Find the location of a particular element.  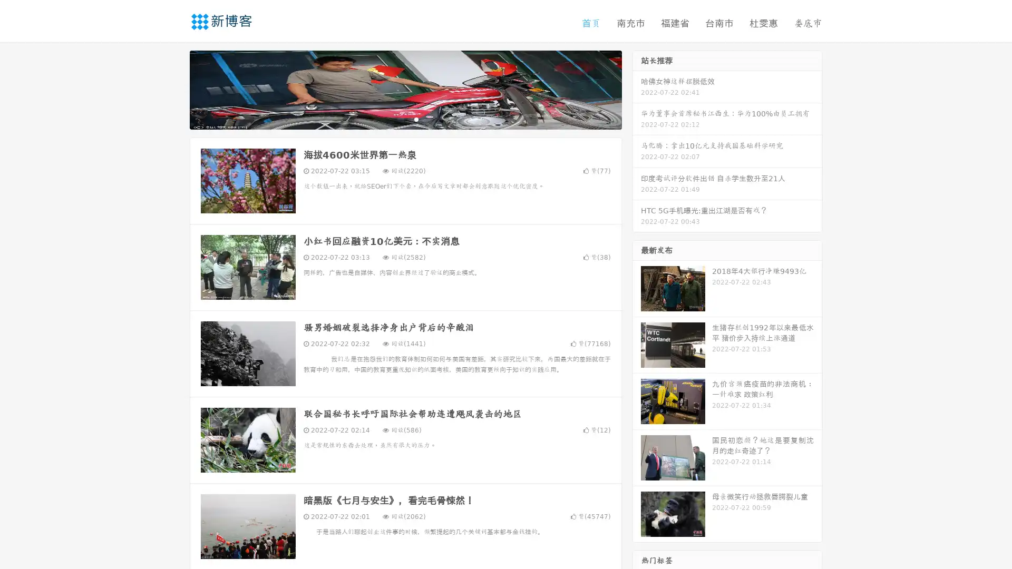

Next slide is located at coordinates (637, 89).